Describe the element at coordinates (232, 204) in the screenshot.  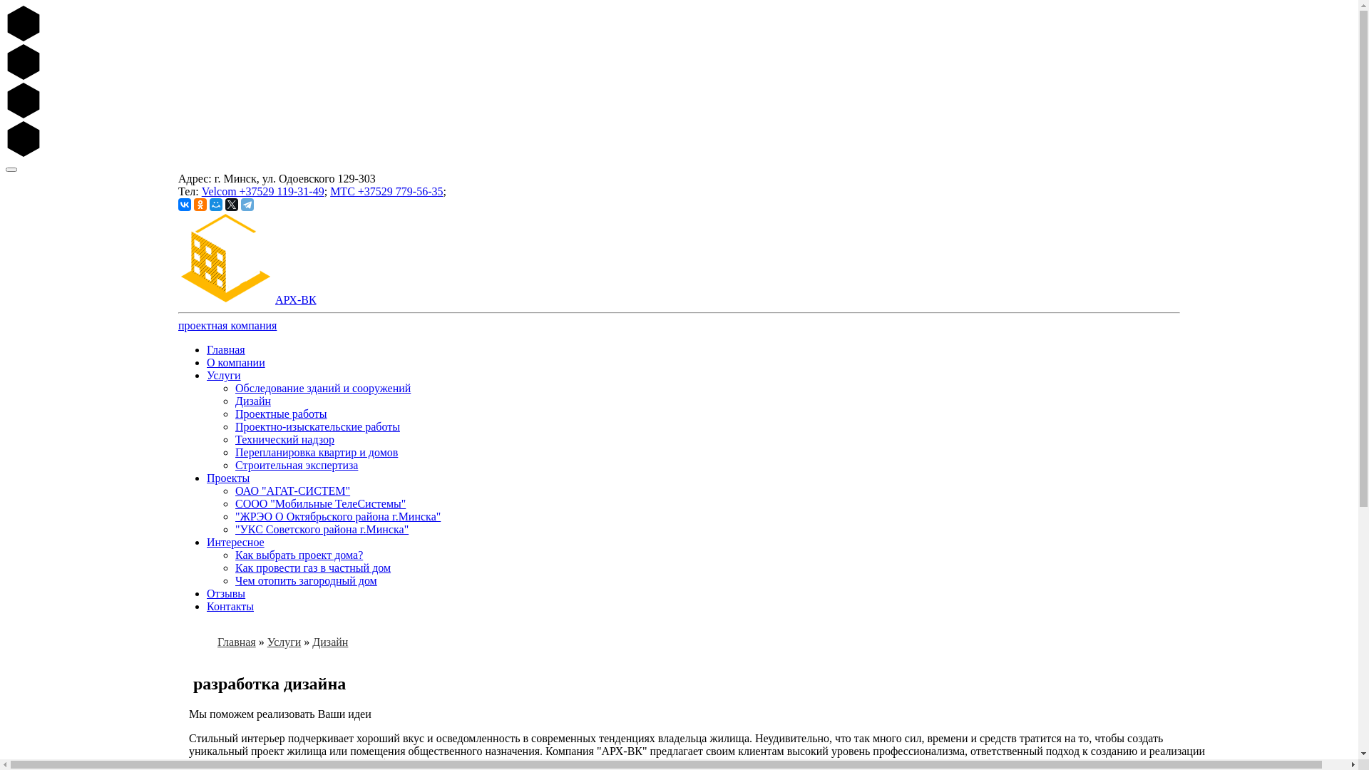
I see `'Twitter'` at that location.